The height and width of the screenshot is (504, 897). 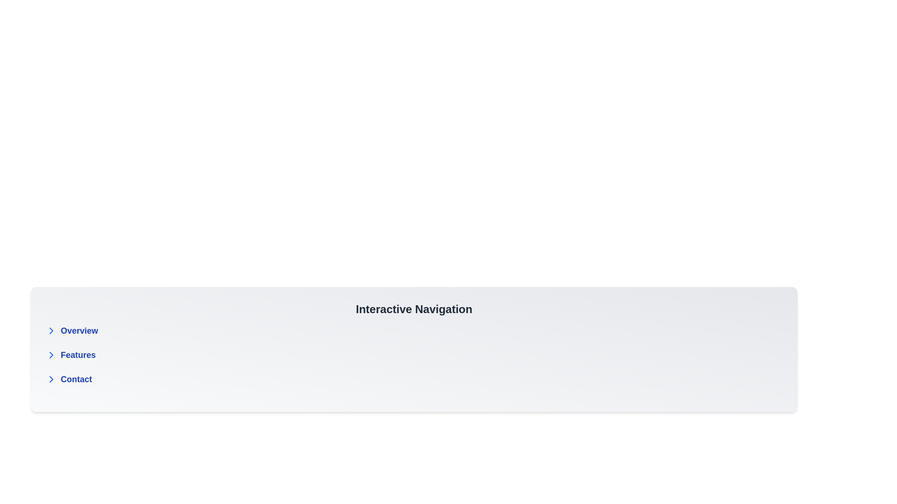 What do you see at coordinates (413, 309) in the screenshot?
I see `the Text Heading element that serves as the title for the section, positioned above the navigation links 'Overview', 'Features', and 'Contact'` at bounding box center [413, 309].